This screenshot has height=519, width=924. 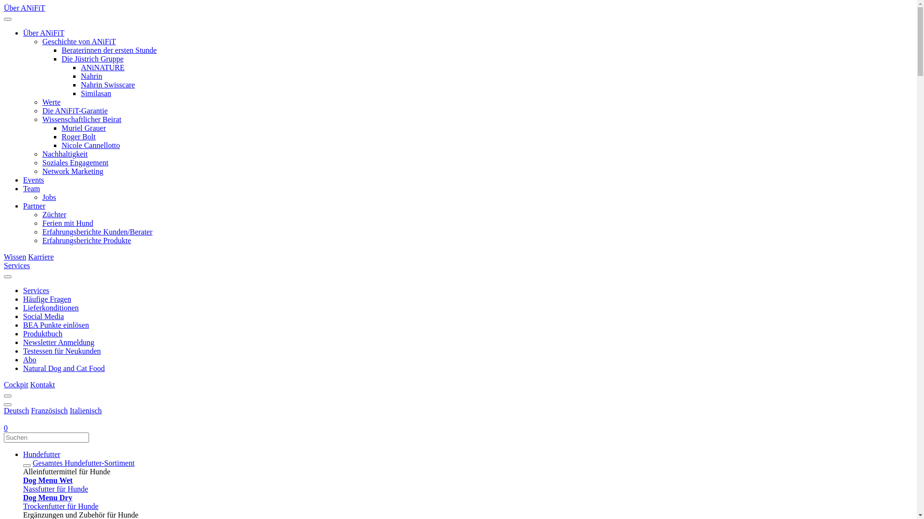 What do you see at coordinates (64, 153) in the screenshot?
I see `'Nachhaltigkeit'` at bounding box center [64, 153].